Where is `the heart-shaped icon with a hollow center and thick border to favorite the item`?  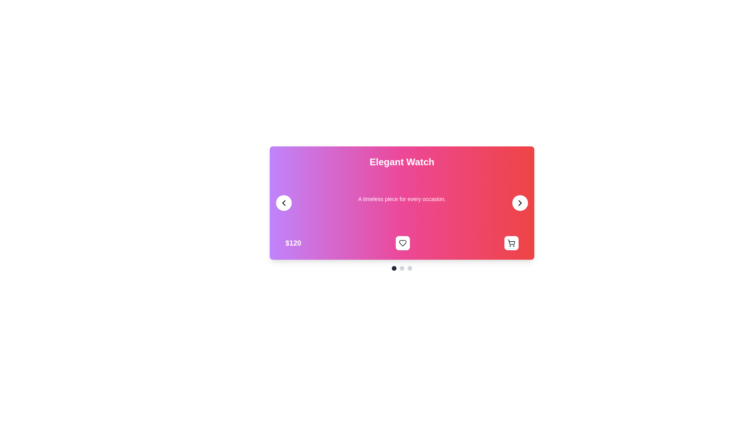 the heart-shaped icon with a hollow center and thick border to favorite the item is located at coordinates (402, 242).